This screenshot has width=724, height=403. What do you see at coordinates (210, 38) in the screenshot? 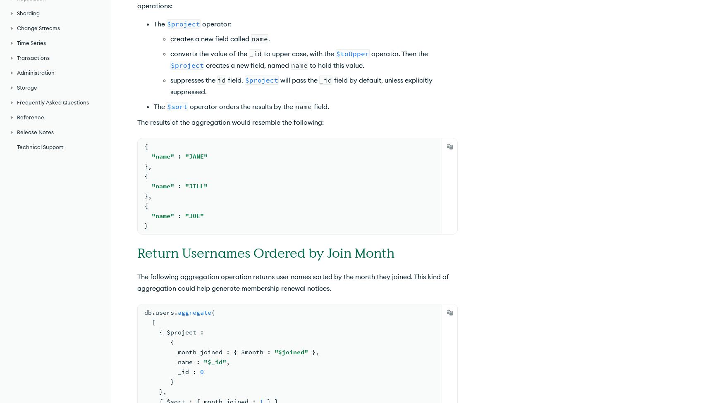
I see `'creates a new field called'` at bounding box center [210, 38].